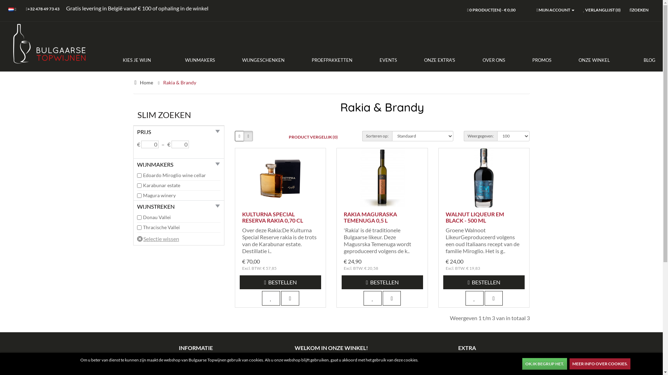 This screenshot has width=668, height=375. I want to click on 'PROEFPAKKETTEN', so click(298, 60).